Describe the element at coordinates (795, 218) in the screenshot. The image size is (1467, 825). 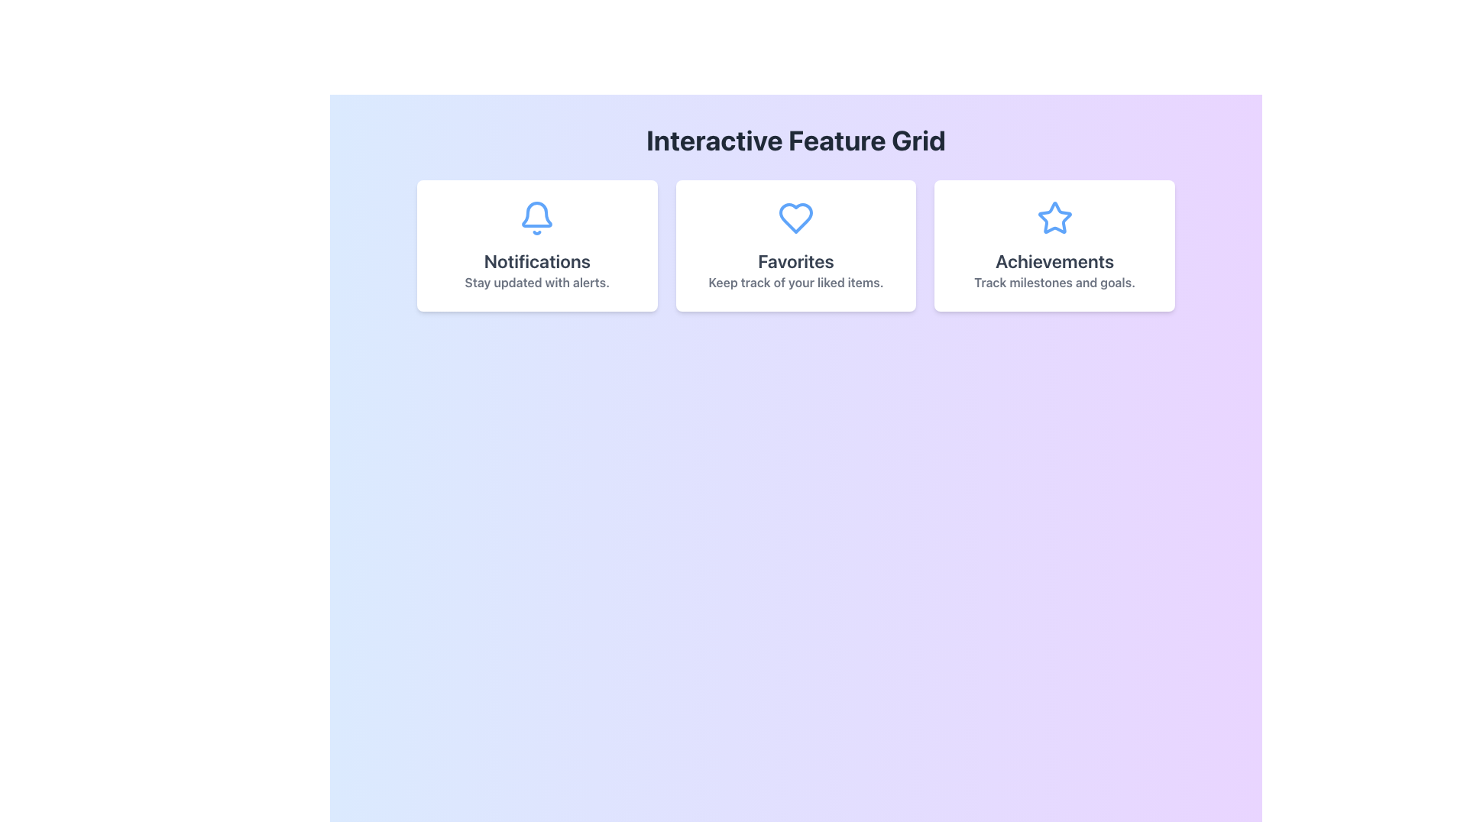
I see `the heart-shaped blue icon located above the 'Favorites' title in the middle card of the 'Favorites' section within the 'Interactive Feature Grid'` at that location.